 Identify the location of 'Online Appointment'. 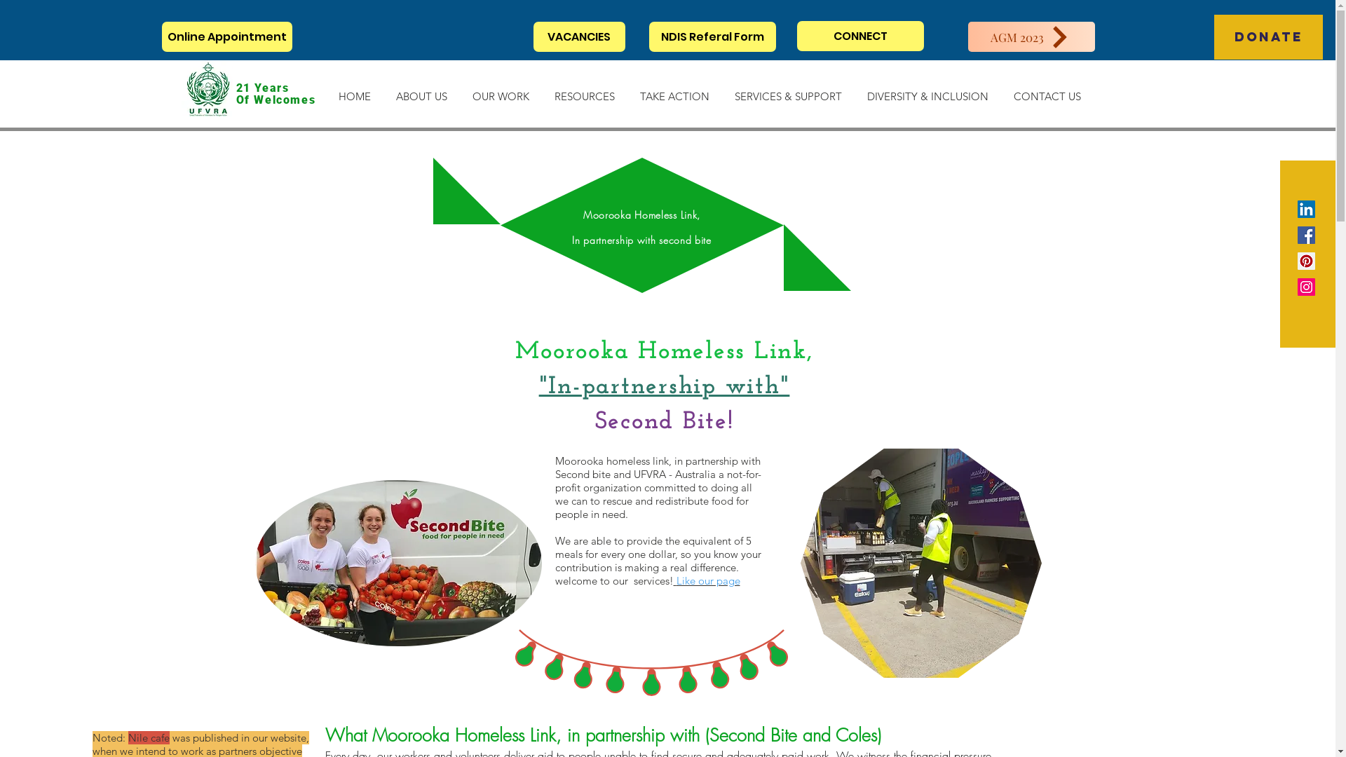
(226, 36).